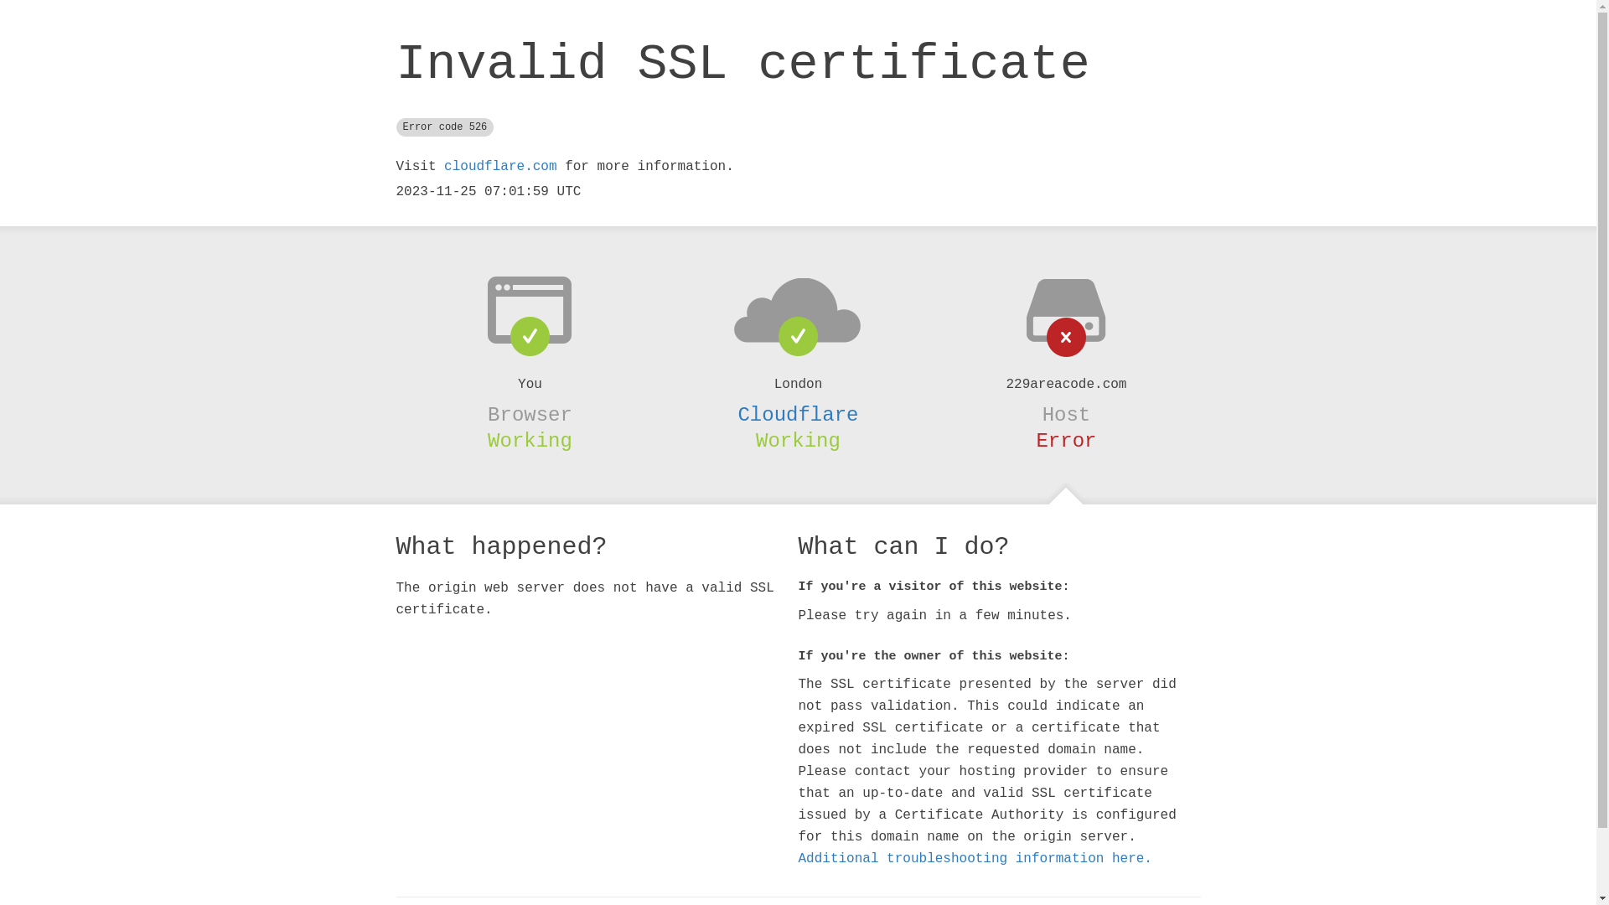 The height and width of the screenshot is (905, 1609). Describe the element at coordinates (737, 415) in the screenshot. I see `'Cloudflare'` at that location.